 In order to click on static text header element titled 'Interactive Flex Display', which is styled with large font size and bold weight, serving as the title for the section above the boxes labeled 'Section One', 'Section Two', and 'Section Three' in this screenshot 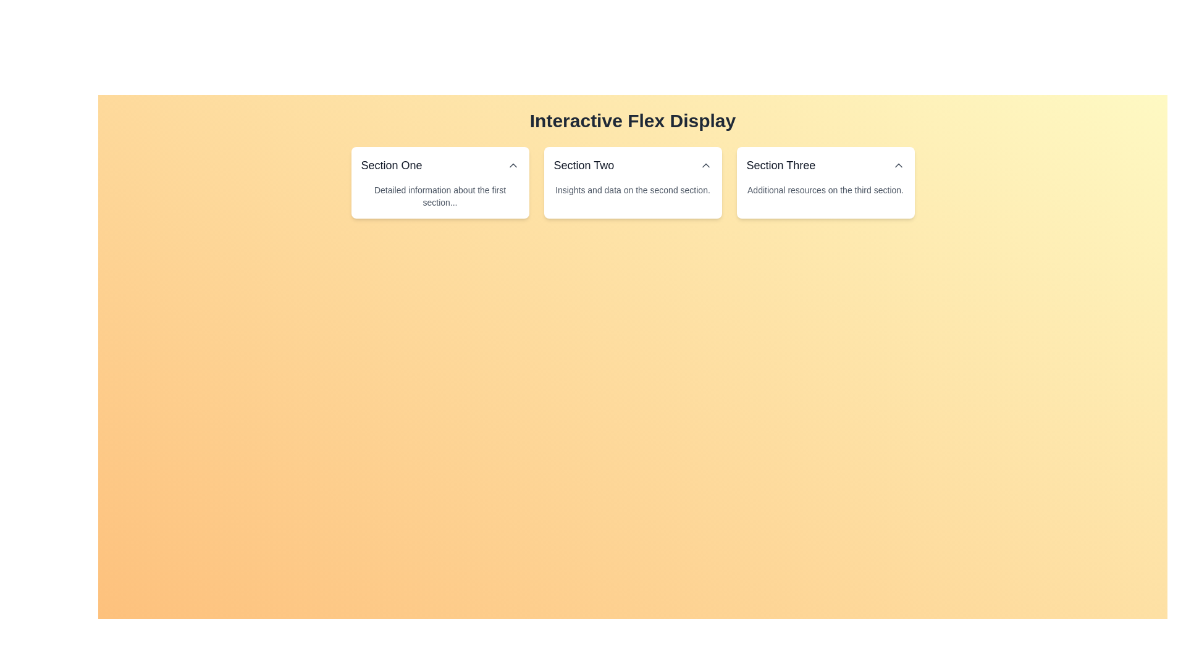, I will do `click(633, 121)`.